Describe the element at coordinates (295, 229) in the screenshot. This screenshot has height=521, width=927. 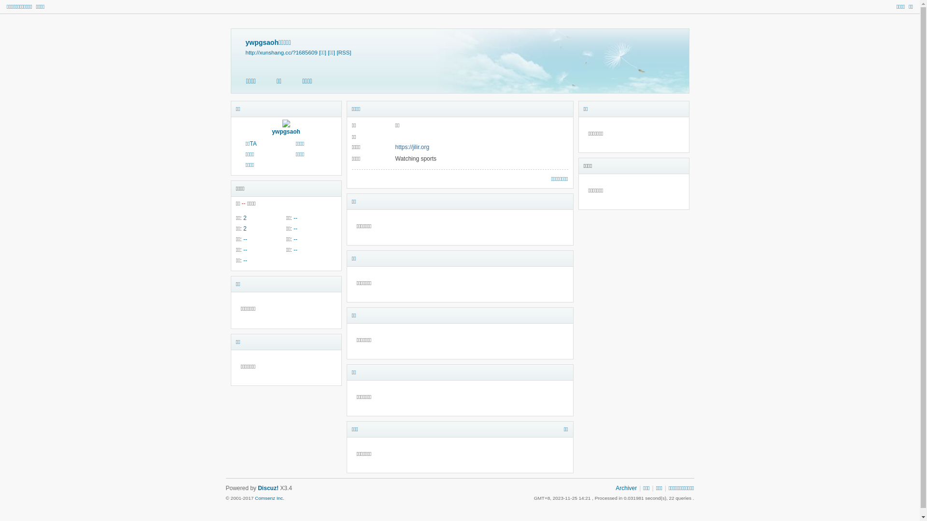
I see `'--'` at that location.